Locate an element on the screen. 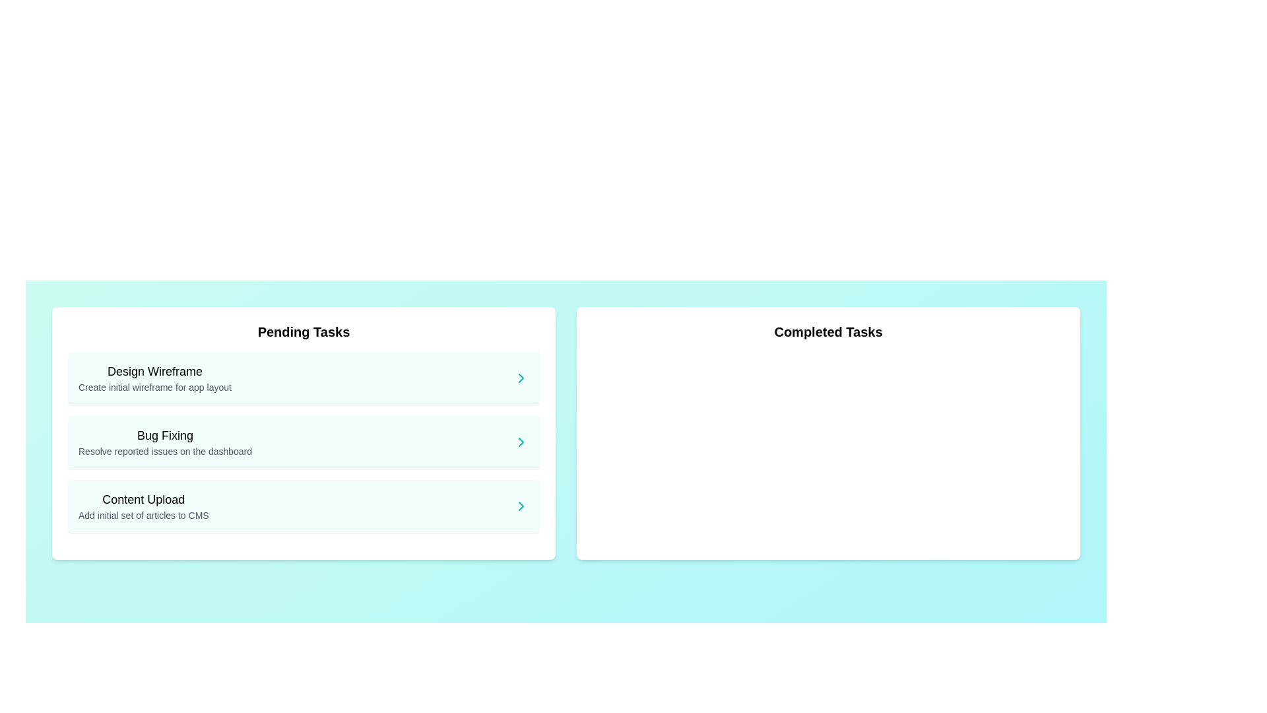 This screenshot has width=1267, height=713. text 'Design Wireframe' from the header in the 'Pending Tasks' section, which is styled in bold black font against a light green background is located at coordinates (155, 372).